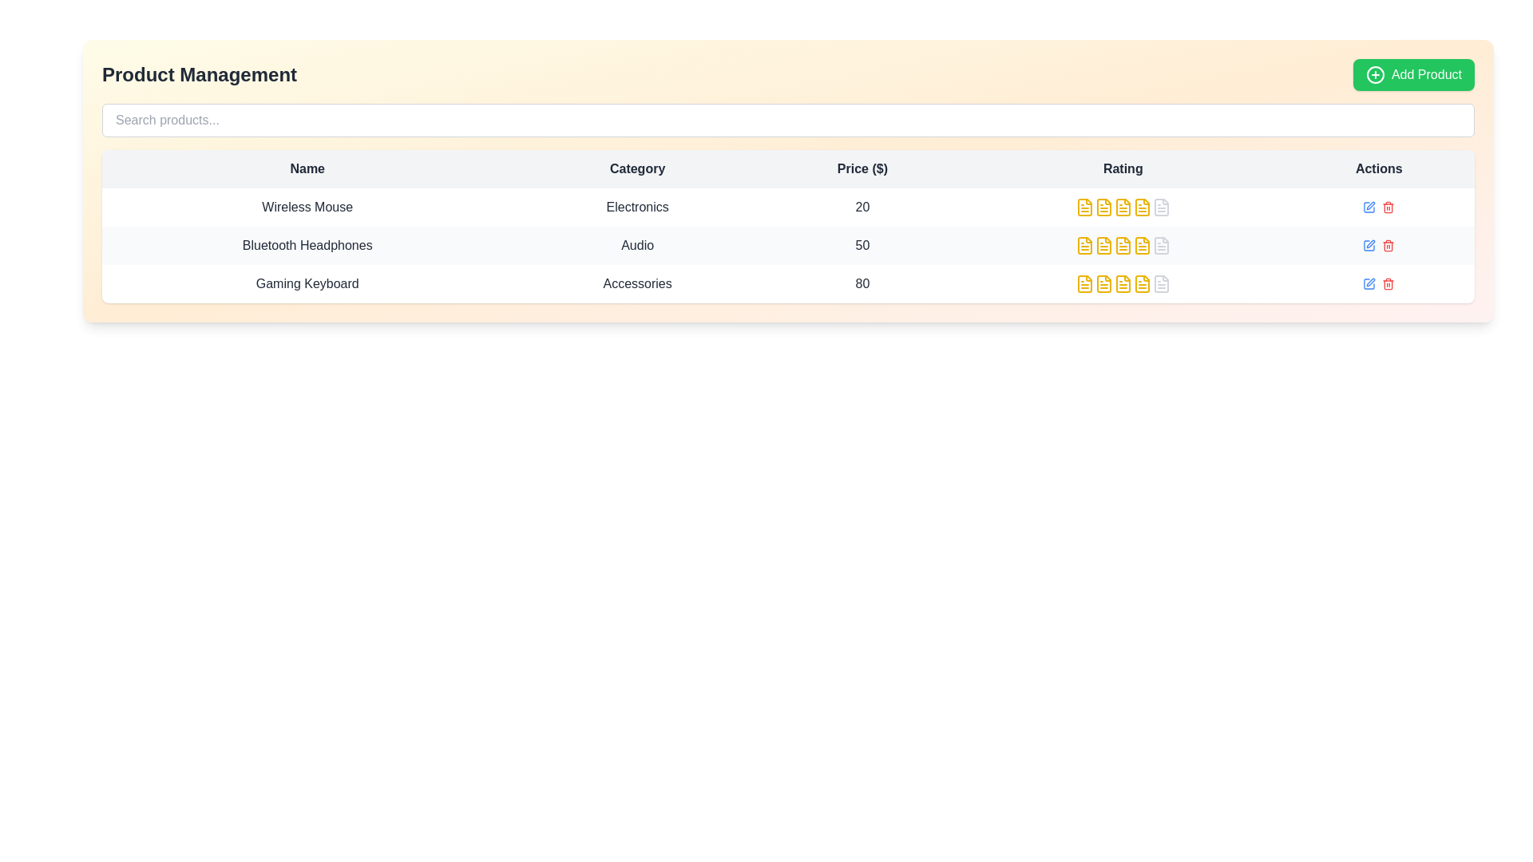  I want to click on the fourth rating icon in the 'Rating' column of the third row for the product 'Gaming Keyboard', so click(1103, 283).